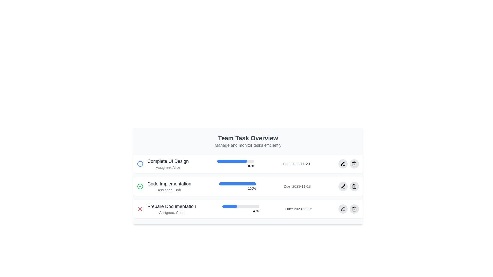  I want to click on the icon bundle that groups the editing and deleting buttons for the 'Code Implementation' task, located at the far-right side of the row, so click(349, 186).